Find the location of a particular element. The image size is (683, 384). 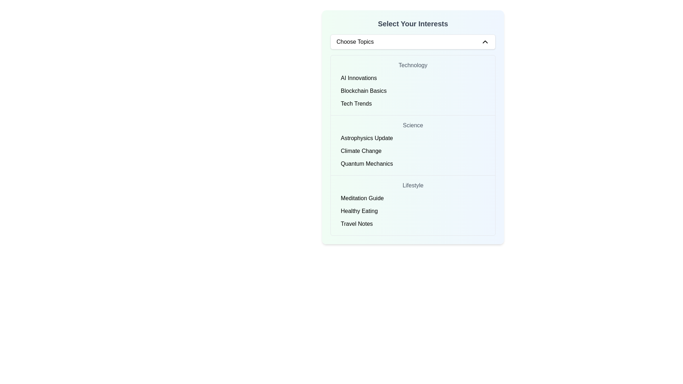

the 'Technology' section is located at coordinates (413, 85).